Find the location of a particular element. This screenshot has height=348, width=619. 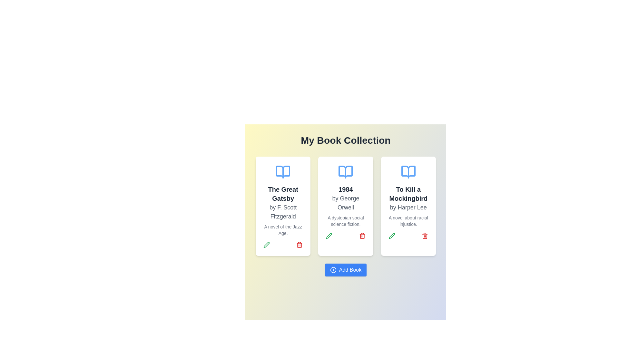

the card displaying details of 'The Great Gatsby', which includes a blue book icon, title in bold, author's name, and a brief description, located under 'My Book Collection' is located at coordinates (283, 206).